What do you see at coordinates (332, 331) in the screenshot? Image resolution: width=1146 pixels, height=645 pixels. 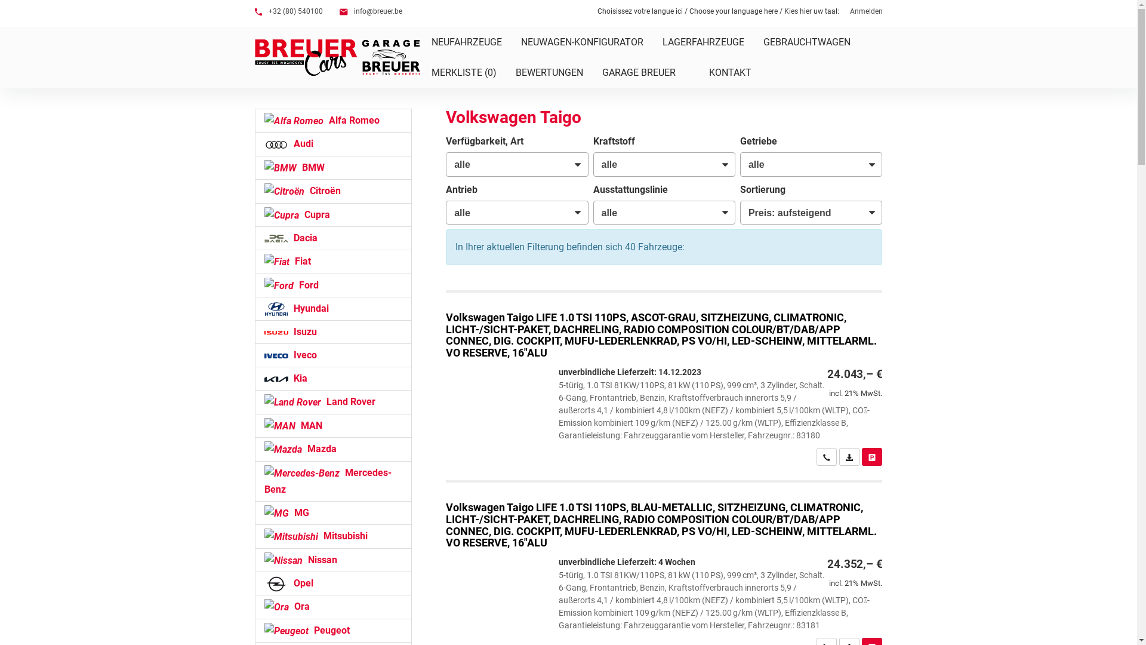 I see `'Isuzu'` at bounding box center [332, 331].